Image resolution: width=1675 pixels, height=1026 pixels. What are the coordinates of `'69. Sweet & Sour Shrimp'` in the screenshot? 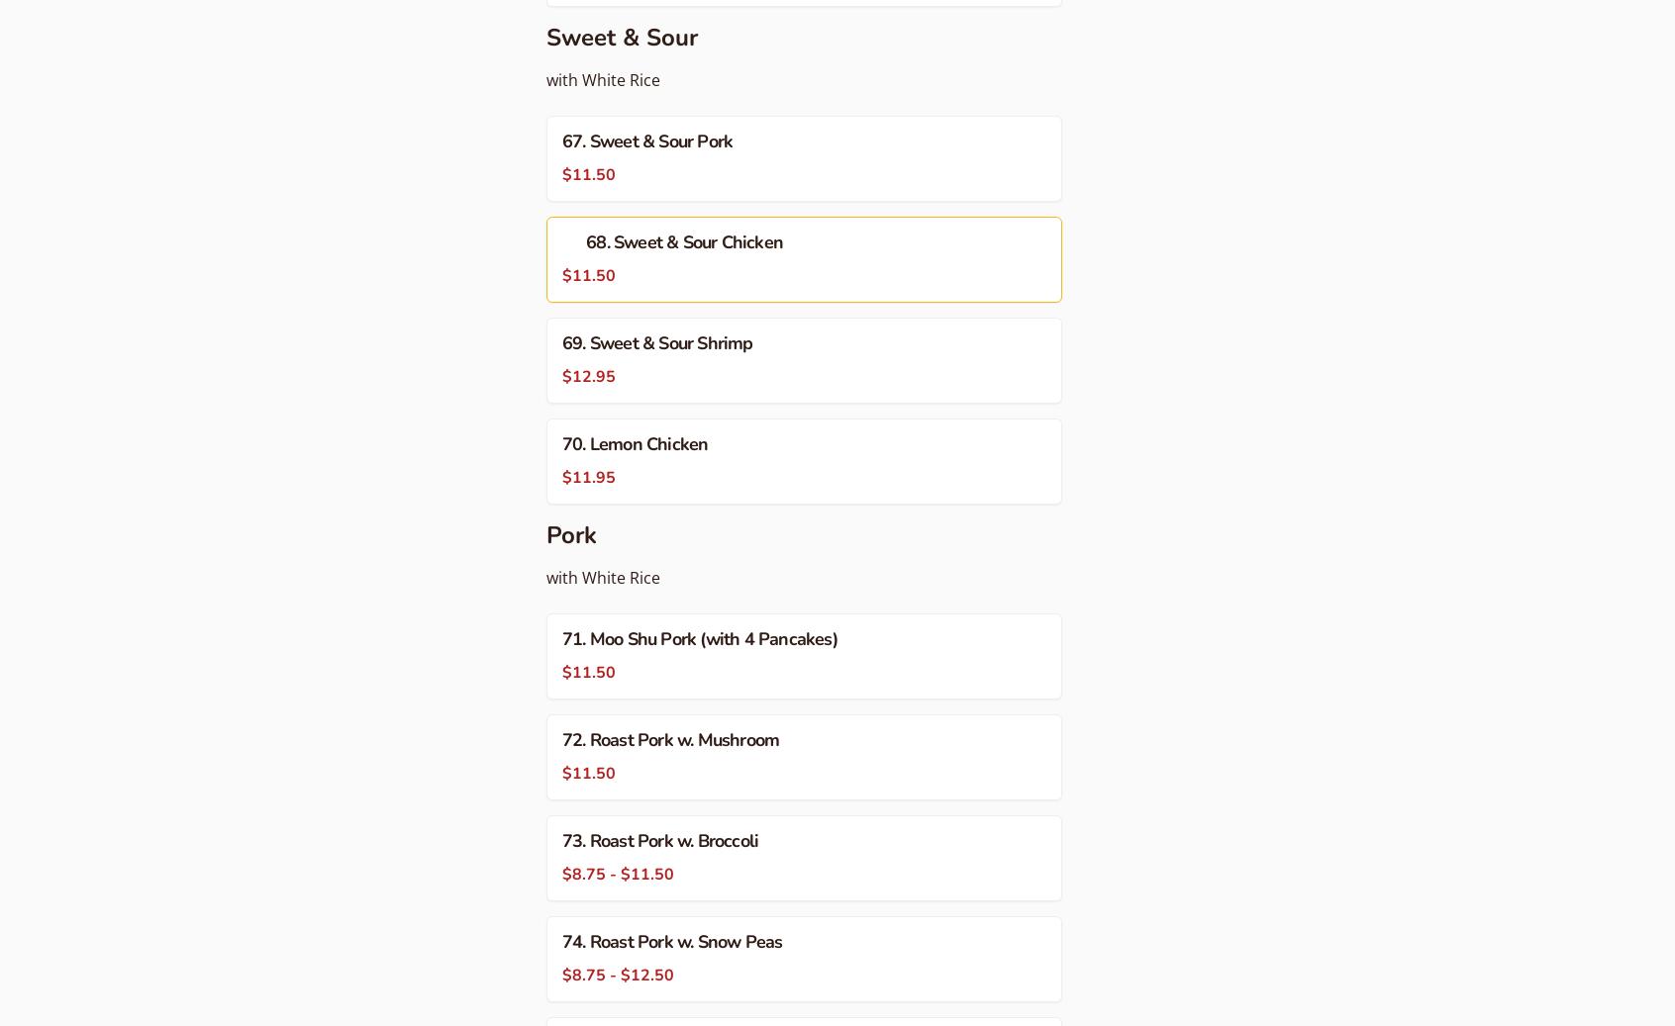 It's located at (561, 341).